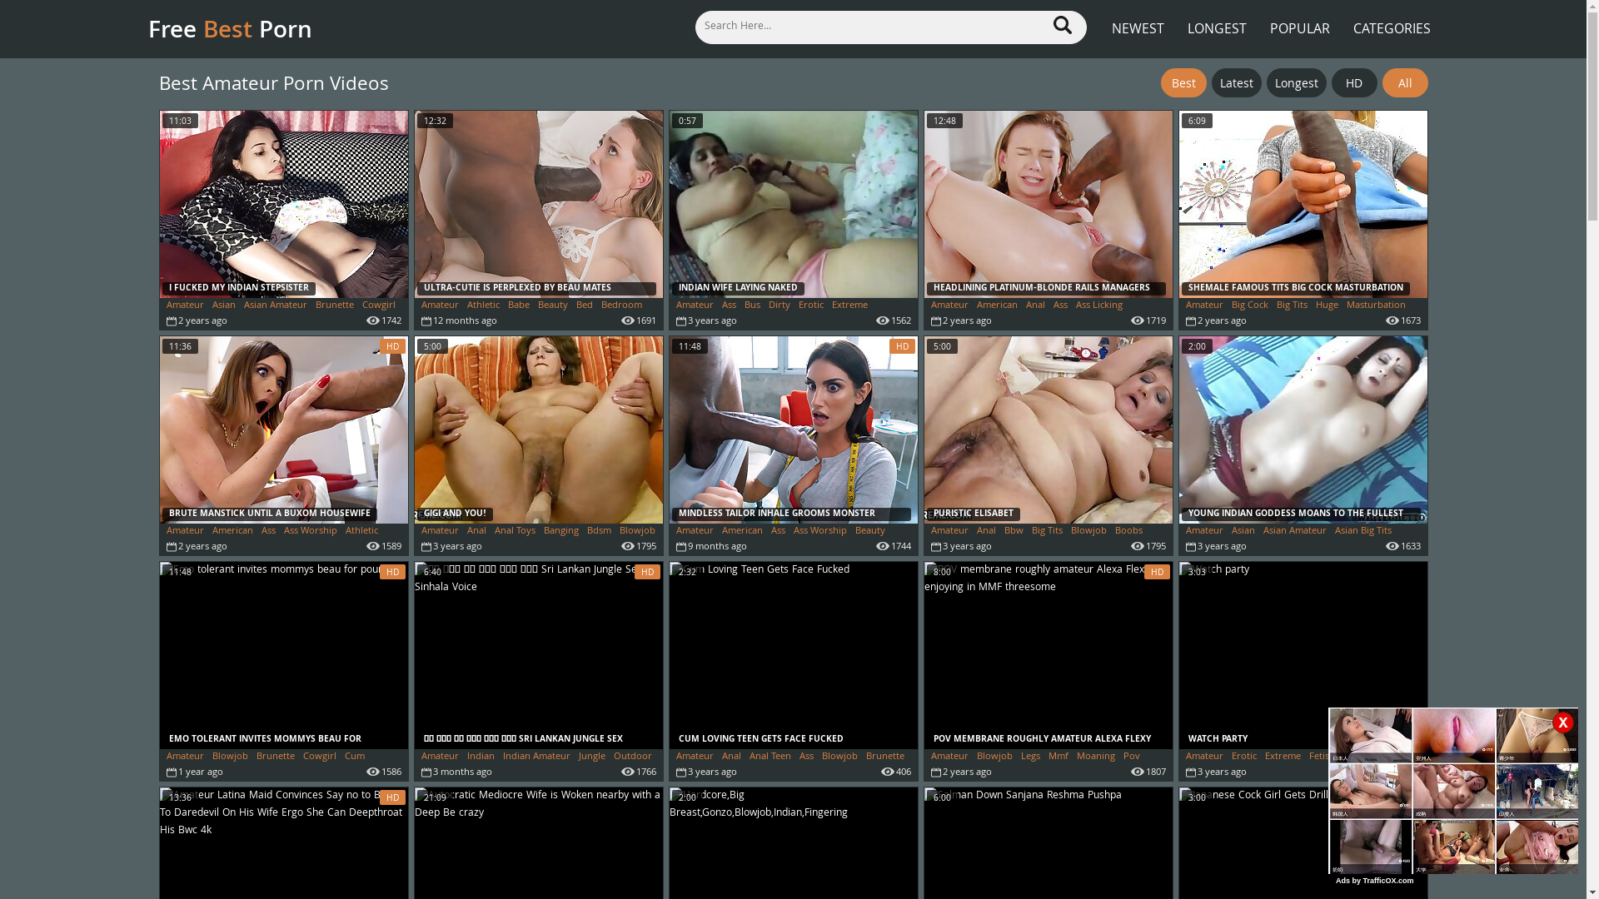 The height and width of the screenshot is (899, 1599). What do you see at coordinates (560, 531) in the screenshot?
I see `'Banging'` at bounding box center [560, 531].